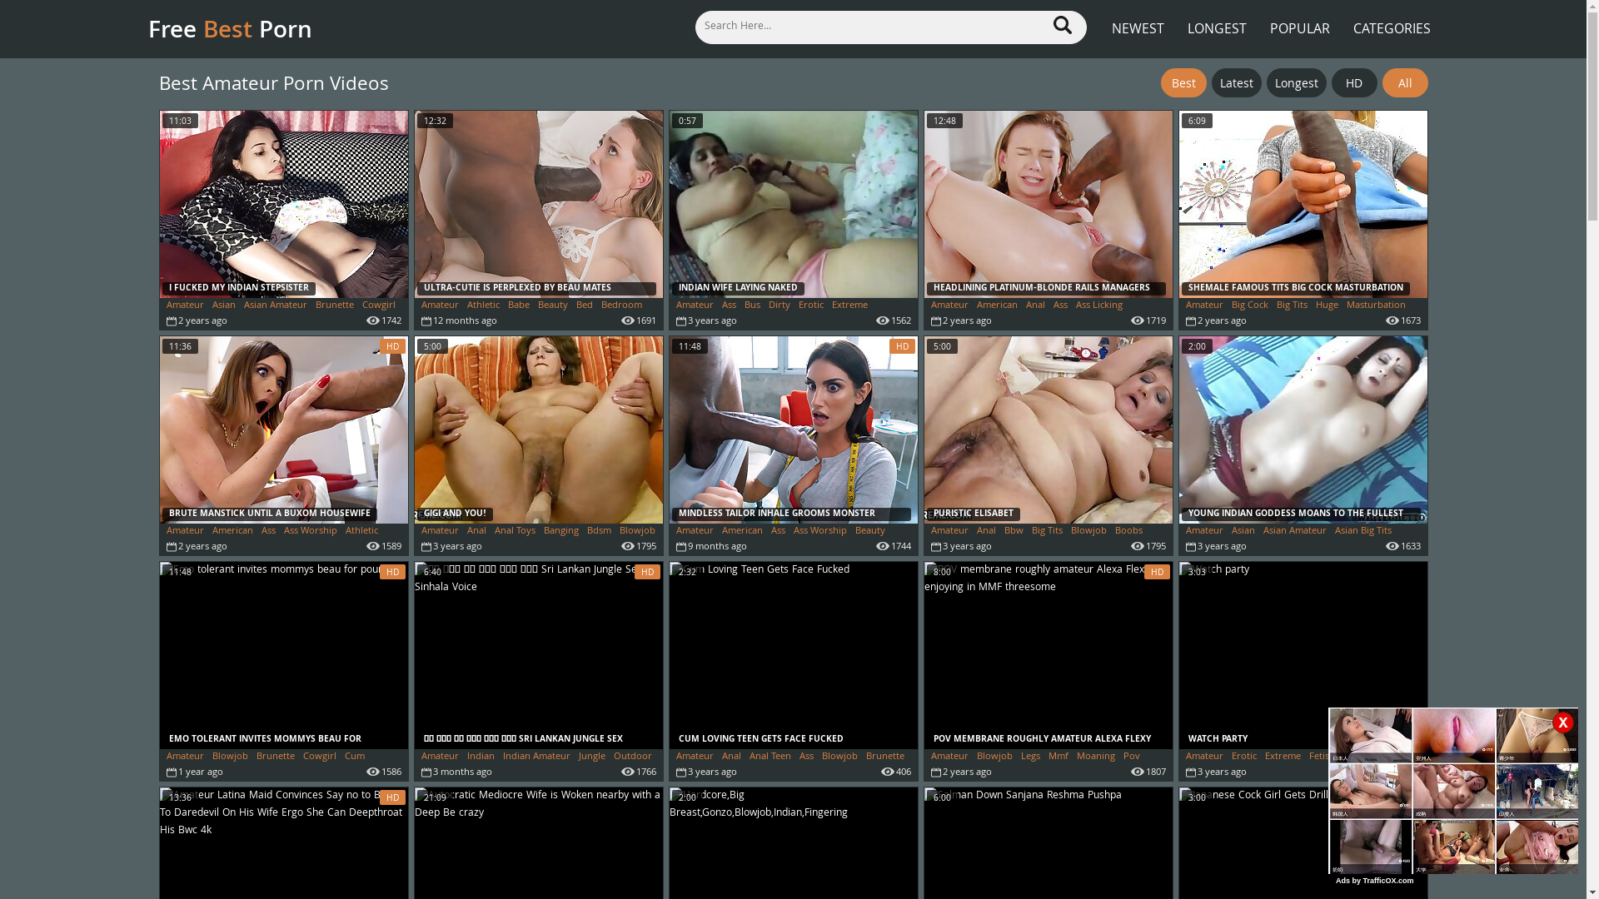 The height and width of the screenshot is (899, 1599). What do you see at coordinates (560, 531) in the screenshot?
I see `'Banging'` at bounding box center [560, 531].